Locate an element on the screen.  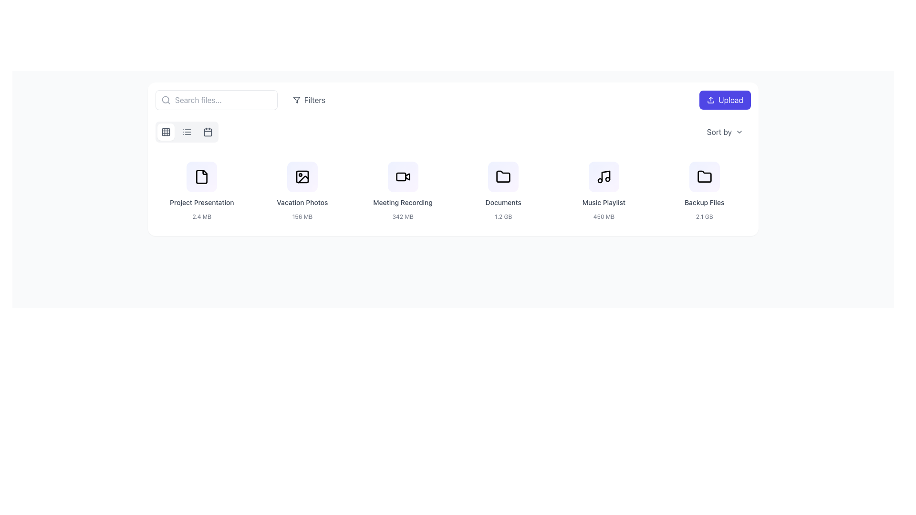
the calendar icon, which is a square button with rounded corners located in the toolbar section near the top left of the interface, being the third icon in a sequence of buttons is located at coordinates (208, 132).